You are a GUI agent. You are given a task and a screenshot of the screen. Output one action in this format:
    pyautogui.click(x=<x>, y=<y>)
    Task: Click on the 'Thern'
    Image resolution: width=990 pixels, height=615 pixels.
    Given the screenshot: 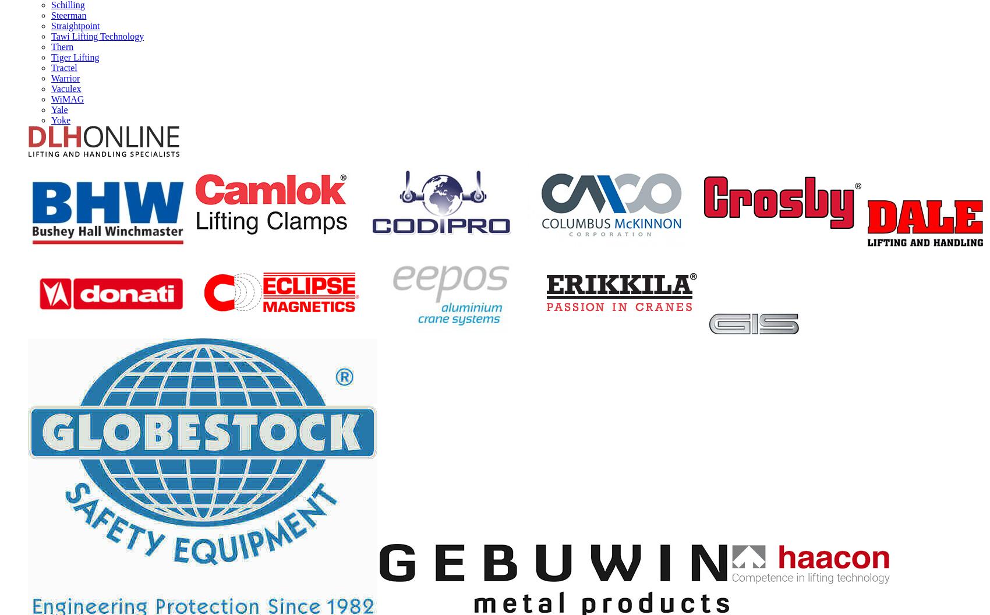 What is the action you would take?
    pyautogui.click(x=51, y=45)
    